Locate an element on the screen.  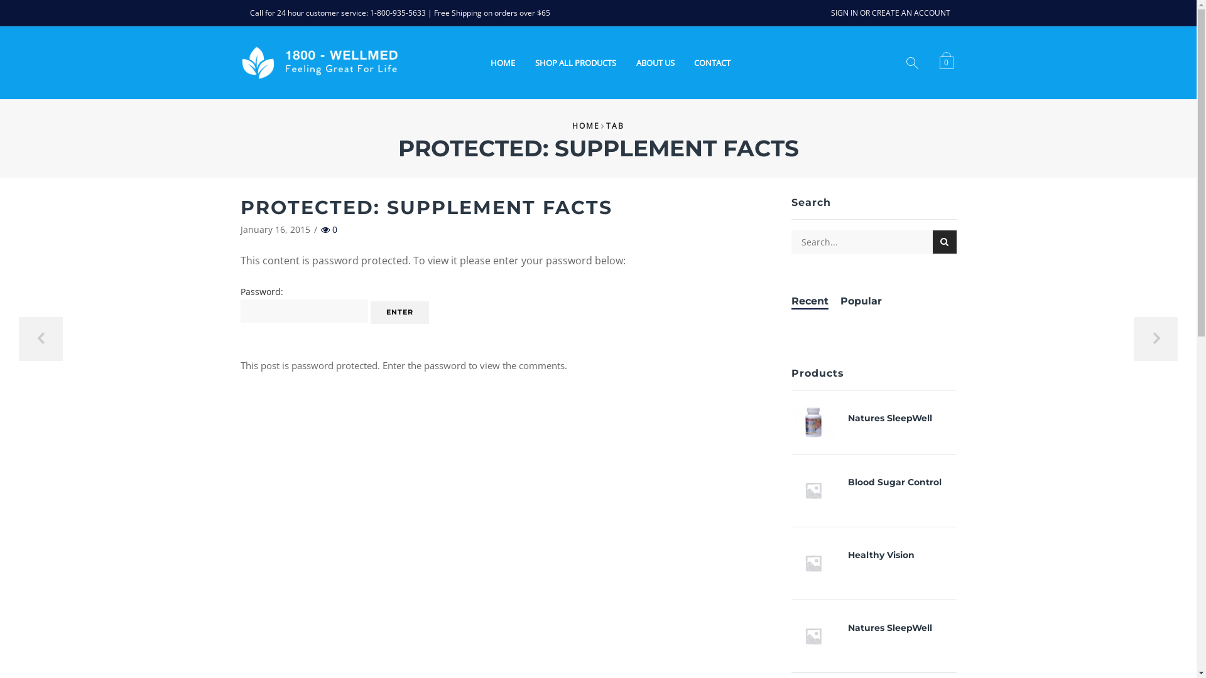
'TAB' is located at coordinates (615, 126).